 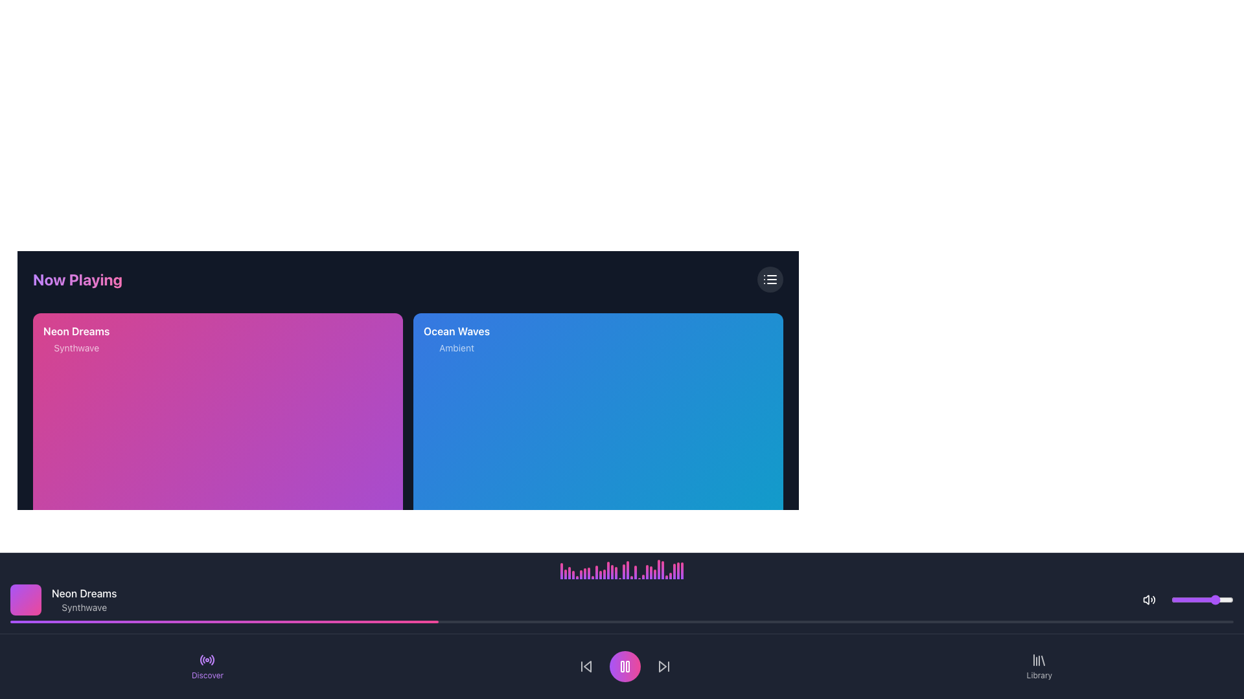 What do you see at coordinates (612, 571) in the screenshot?
I see `the small vertical bar styled with a gradient transitioning from purple to pink, located centrally in the bottom section of the audio visualizer` at bounding box center [612, 571].